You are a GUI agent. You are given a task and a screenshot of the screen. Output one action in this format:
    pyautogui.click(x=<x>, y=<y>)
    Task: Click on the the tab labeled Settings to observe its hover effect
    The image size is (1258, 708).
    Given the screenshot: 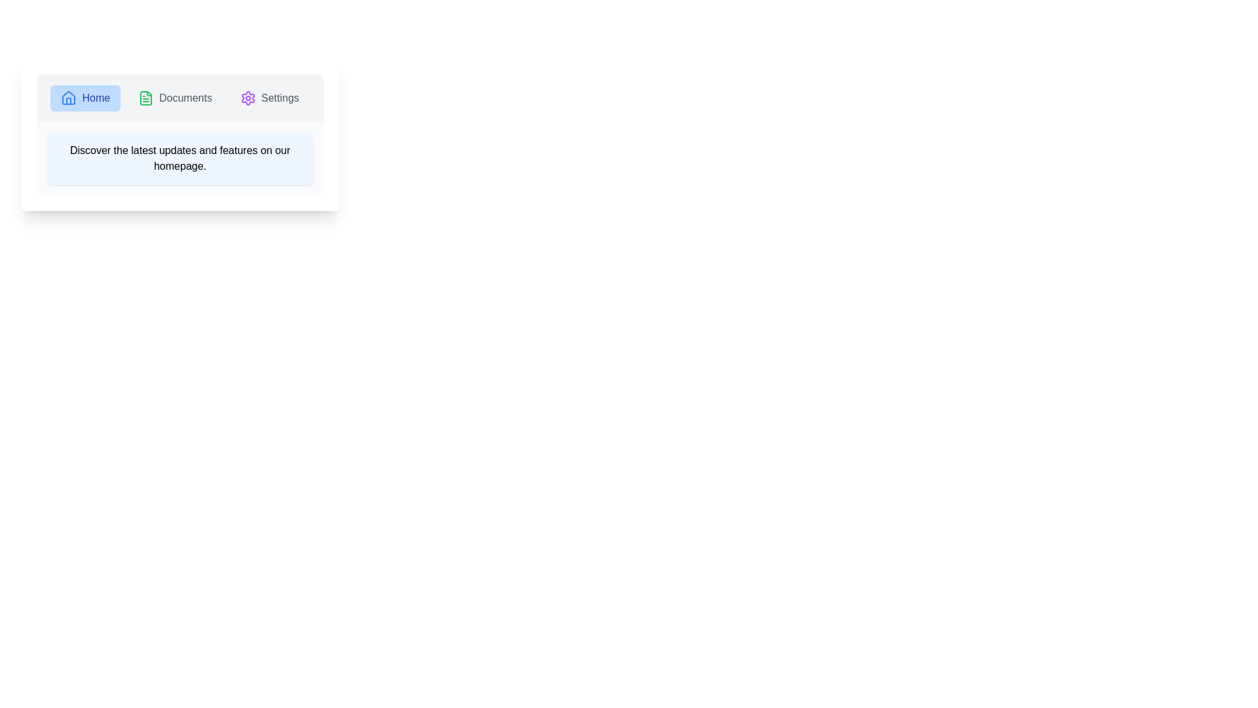 What is the action you would take?
    pyautogui.click(x=269, y=98)
    